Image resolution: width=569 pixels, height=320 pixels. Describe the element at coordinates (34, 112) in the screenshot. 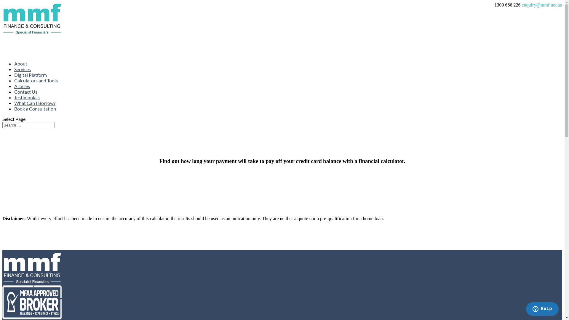

I see `'What Can I Borrow?'` at that location.